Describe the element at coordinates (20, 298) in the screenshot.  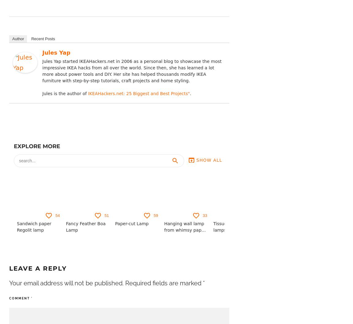
I see `'Comment'` at that location.